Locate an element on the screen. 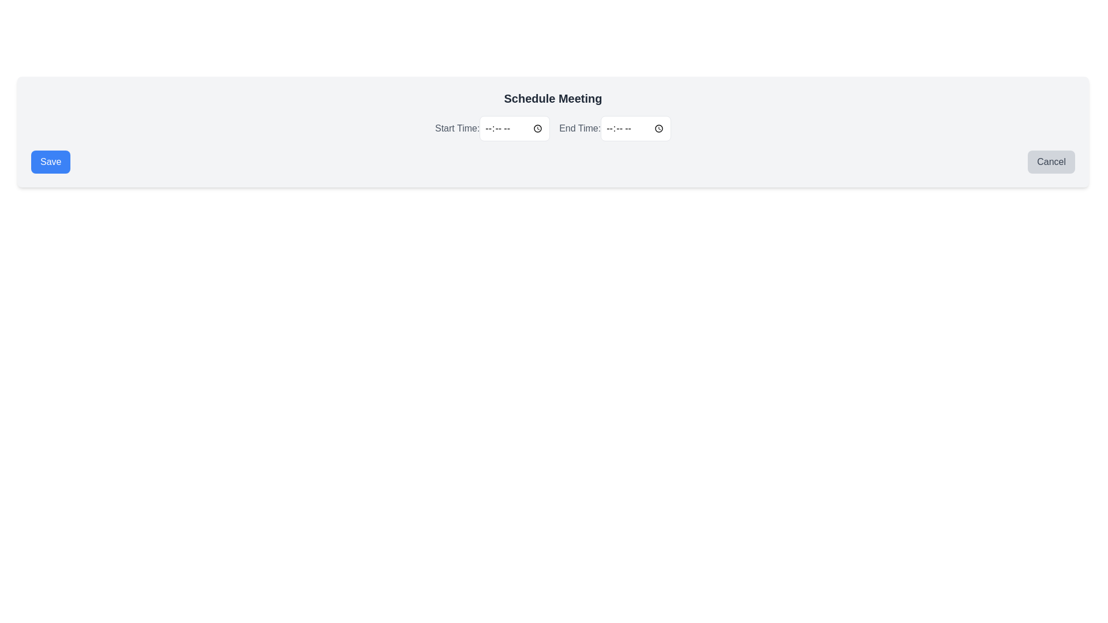 The image size is (1108, 623). the 'Start Time' label in the 'Schedule Meeting' section to indicate focus is located at coordinates (492, 129).